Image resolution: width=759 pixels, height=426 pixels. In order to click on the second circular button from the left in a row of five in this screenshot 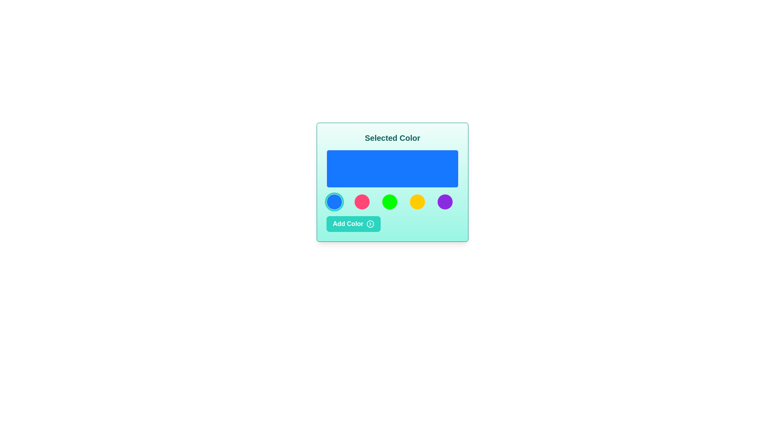, I will do `click(362, 202)`.